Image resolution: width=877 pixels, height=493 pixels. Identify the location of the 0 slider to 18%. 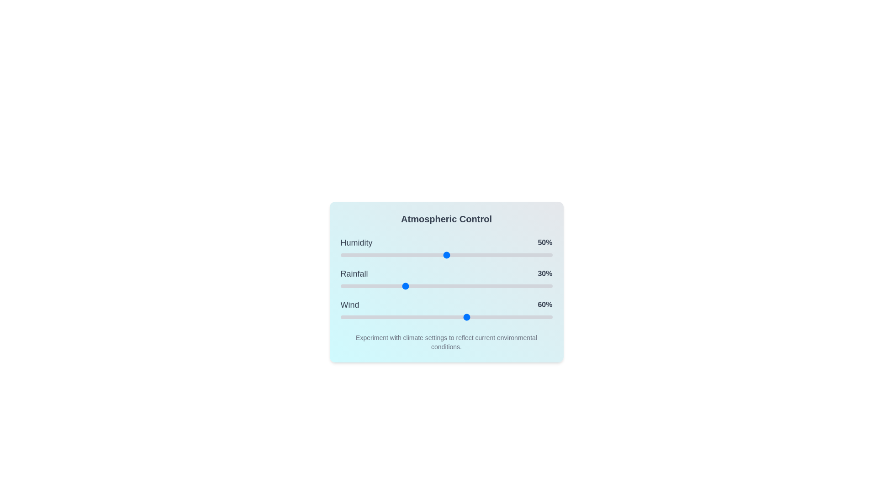
(379, 255).